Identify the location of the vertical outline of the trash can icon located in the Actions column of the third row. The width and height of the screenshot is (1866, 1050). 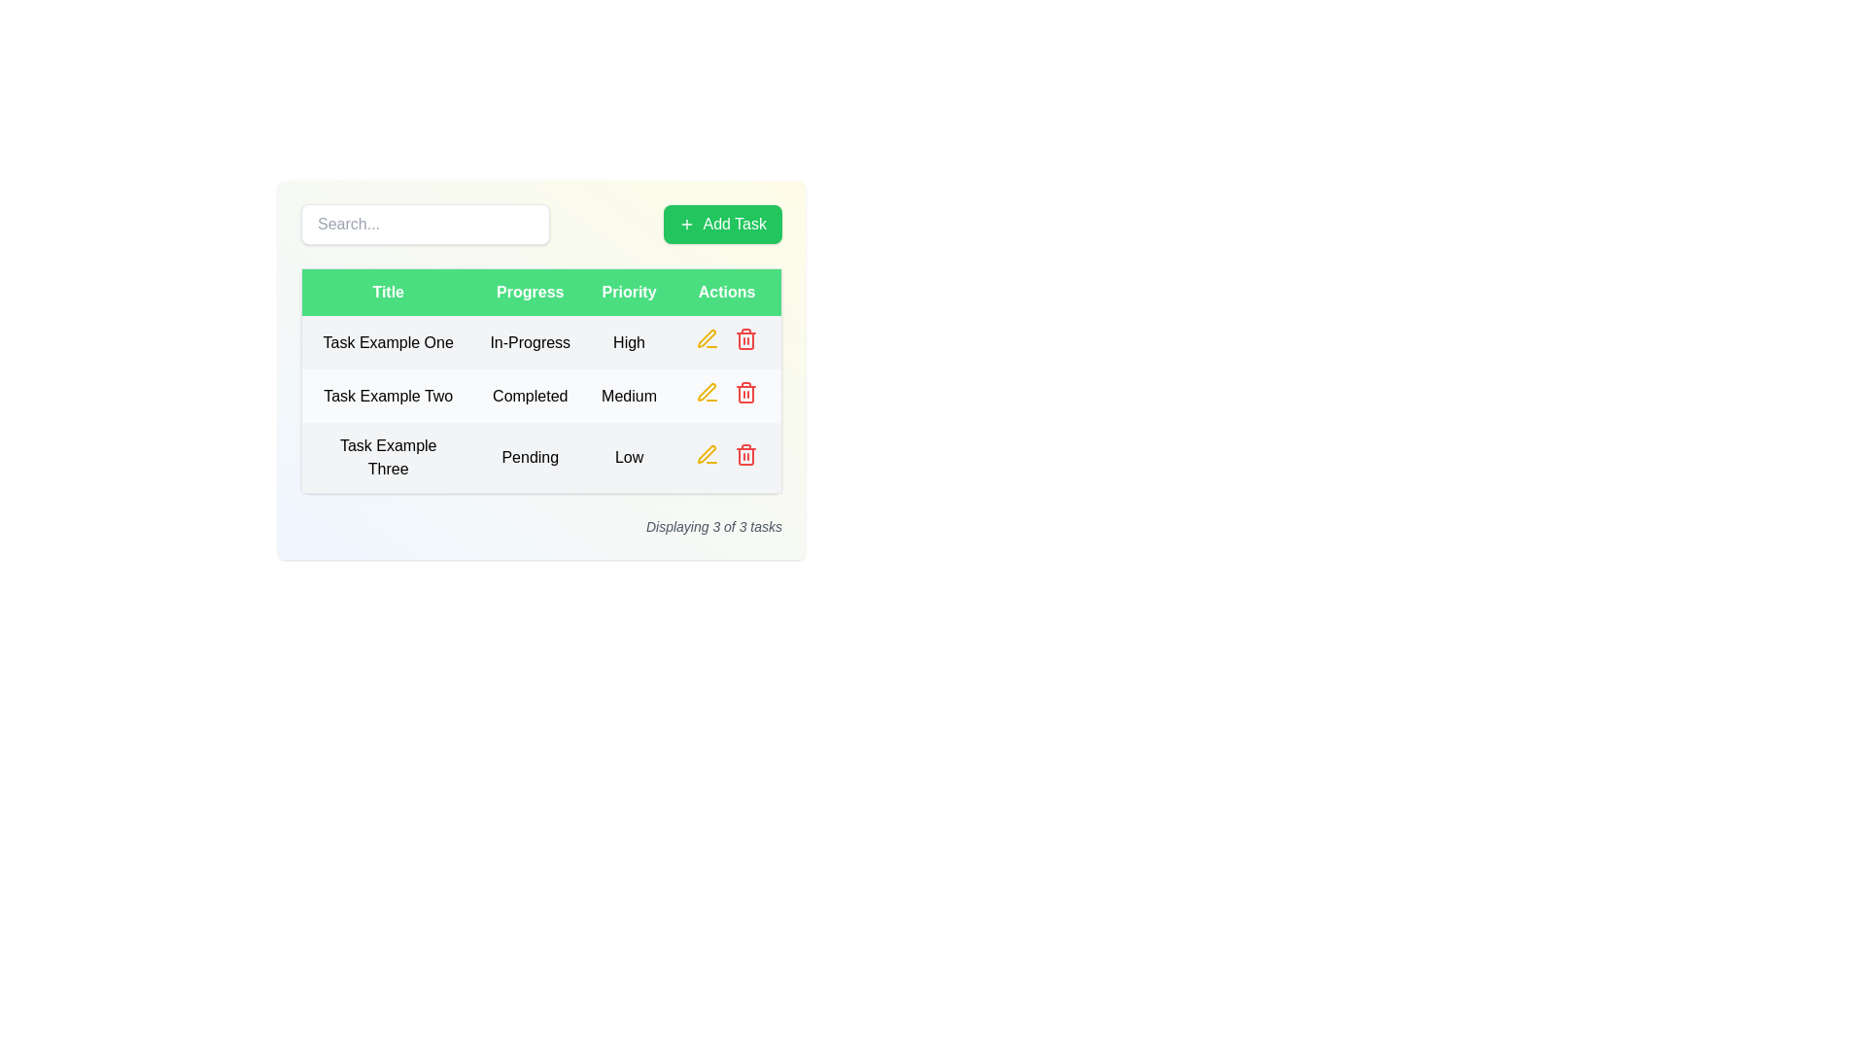
(745, 456).